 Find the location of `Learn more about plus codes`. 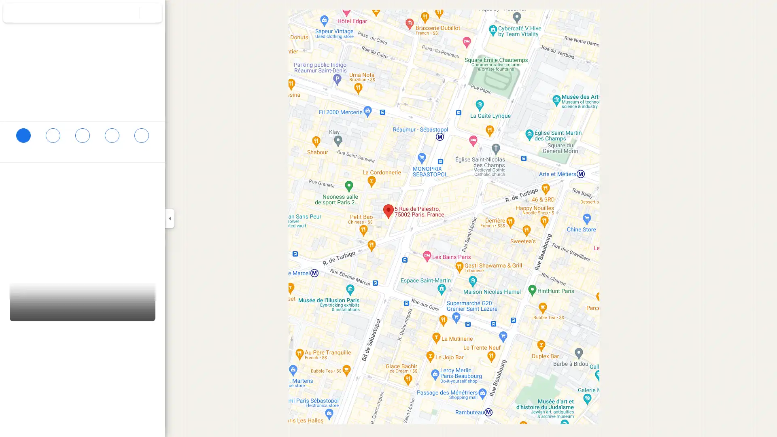

Learn more about plus codes is located at coordinates (155, 193).